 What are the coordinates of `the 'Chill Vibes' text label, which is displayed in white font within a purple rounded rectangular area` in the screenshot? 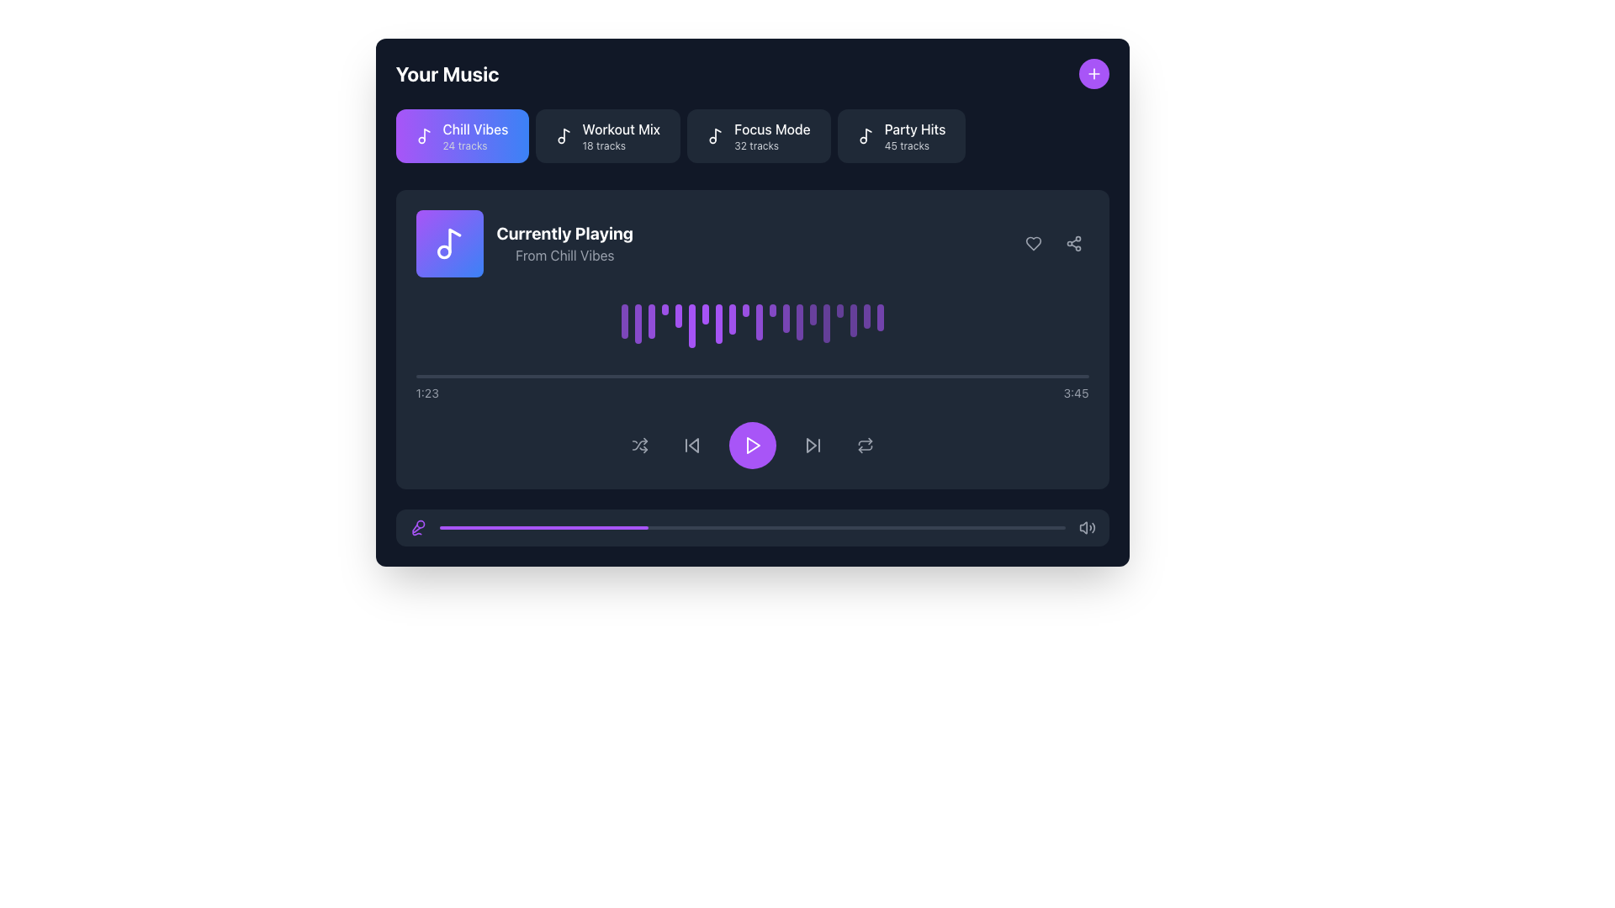 It's located at (474, 129).